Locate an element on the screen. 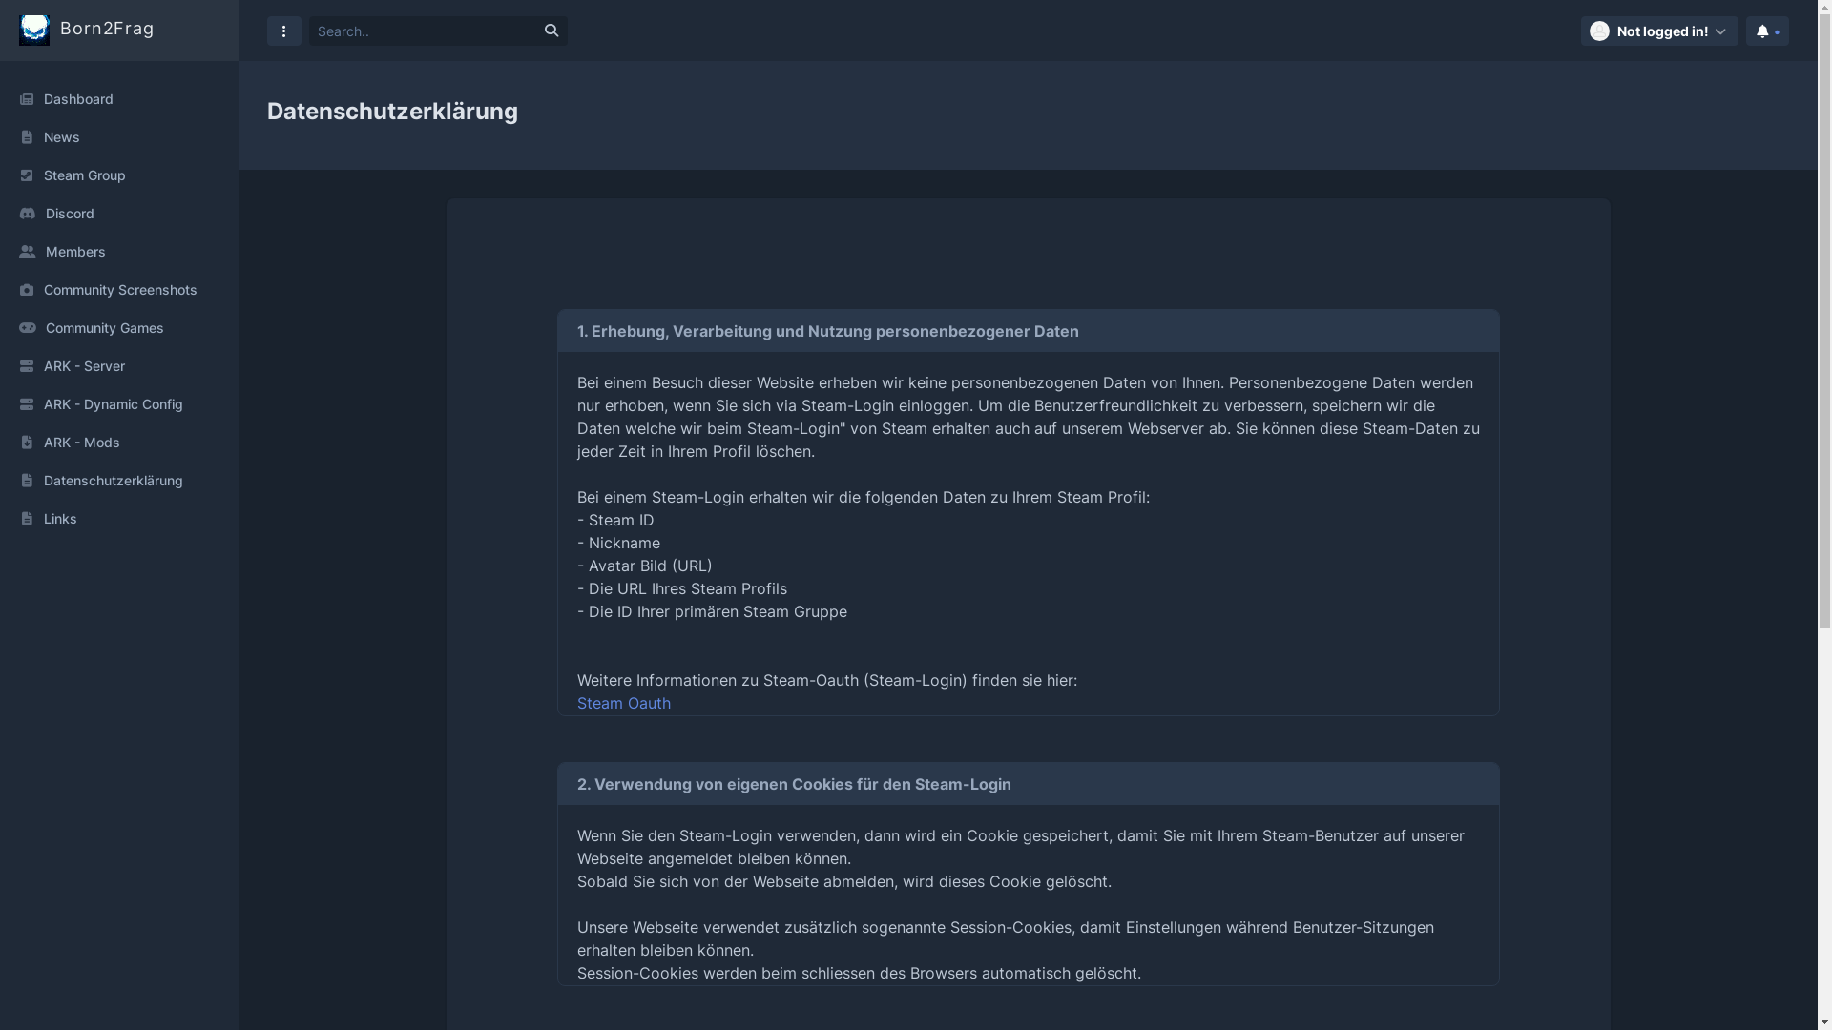 This screenshot has width=1832, height=1030. 'ARK - Mods' is located at coordinates (117, 442).